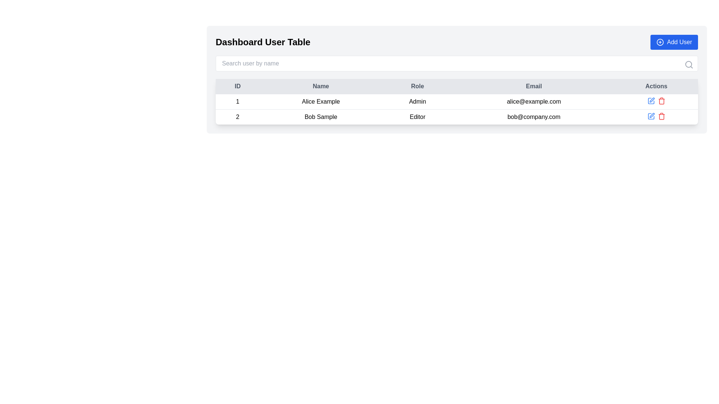 The image size is (719, 404). I want to click on the email address displayed for user 'Bob Sample' in the 'Email' column of the table, so click(533, 117).